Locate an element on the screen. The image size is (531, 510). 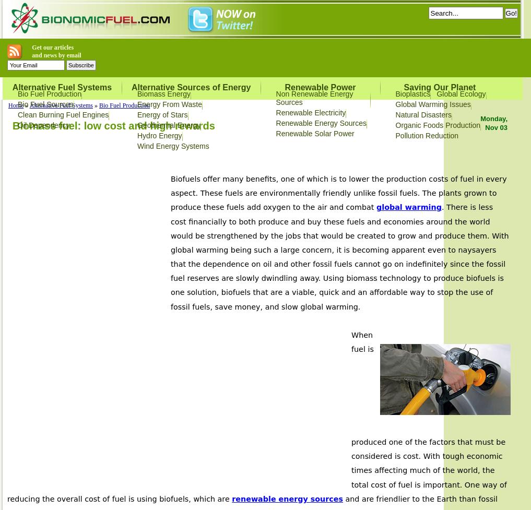
'renewable energy sources' is located at coordinates (287, 498).